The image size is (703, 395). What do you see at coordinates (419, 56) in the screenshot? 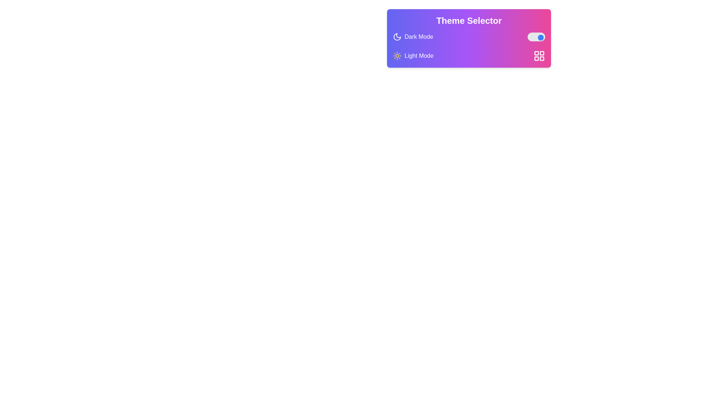
I see `the 'Light Mode' text label, which is styled with white text on a gradient background and positioned right of the sun icon` at bounding box center [419, 56].